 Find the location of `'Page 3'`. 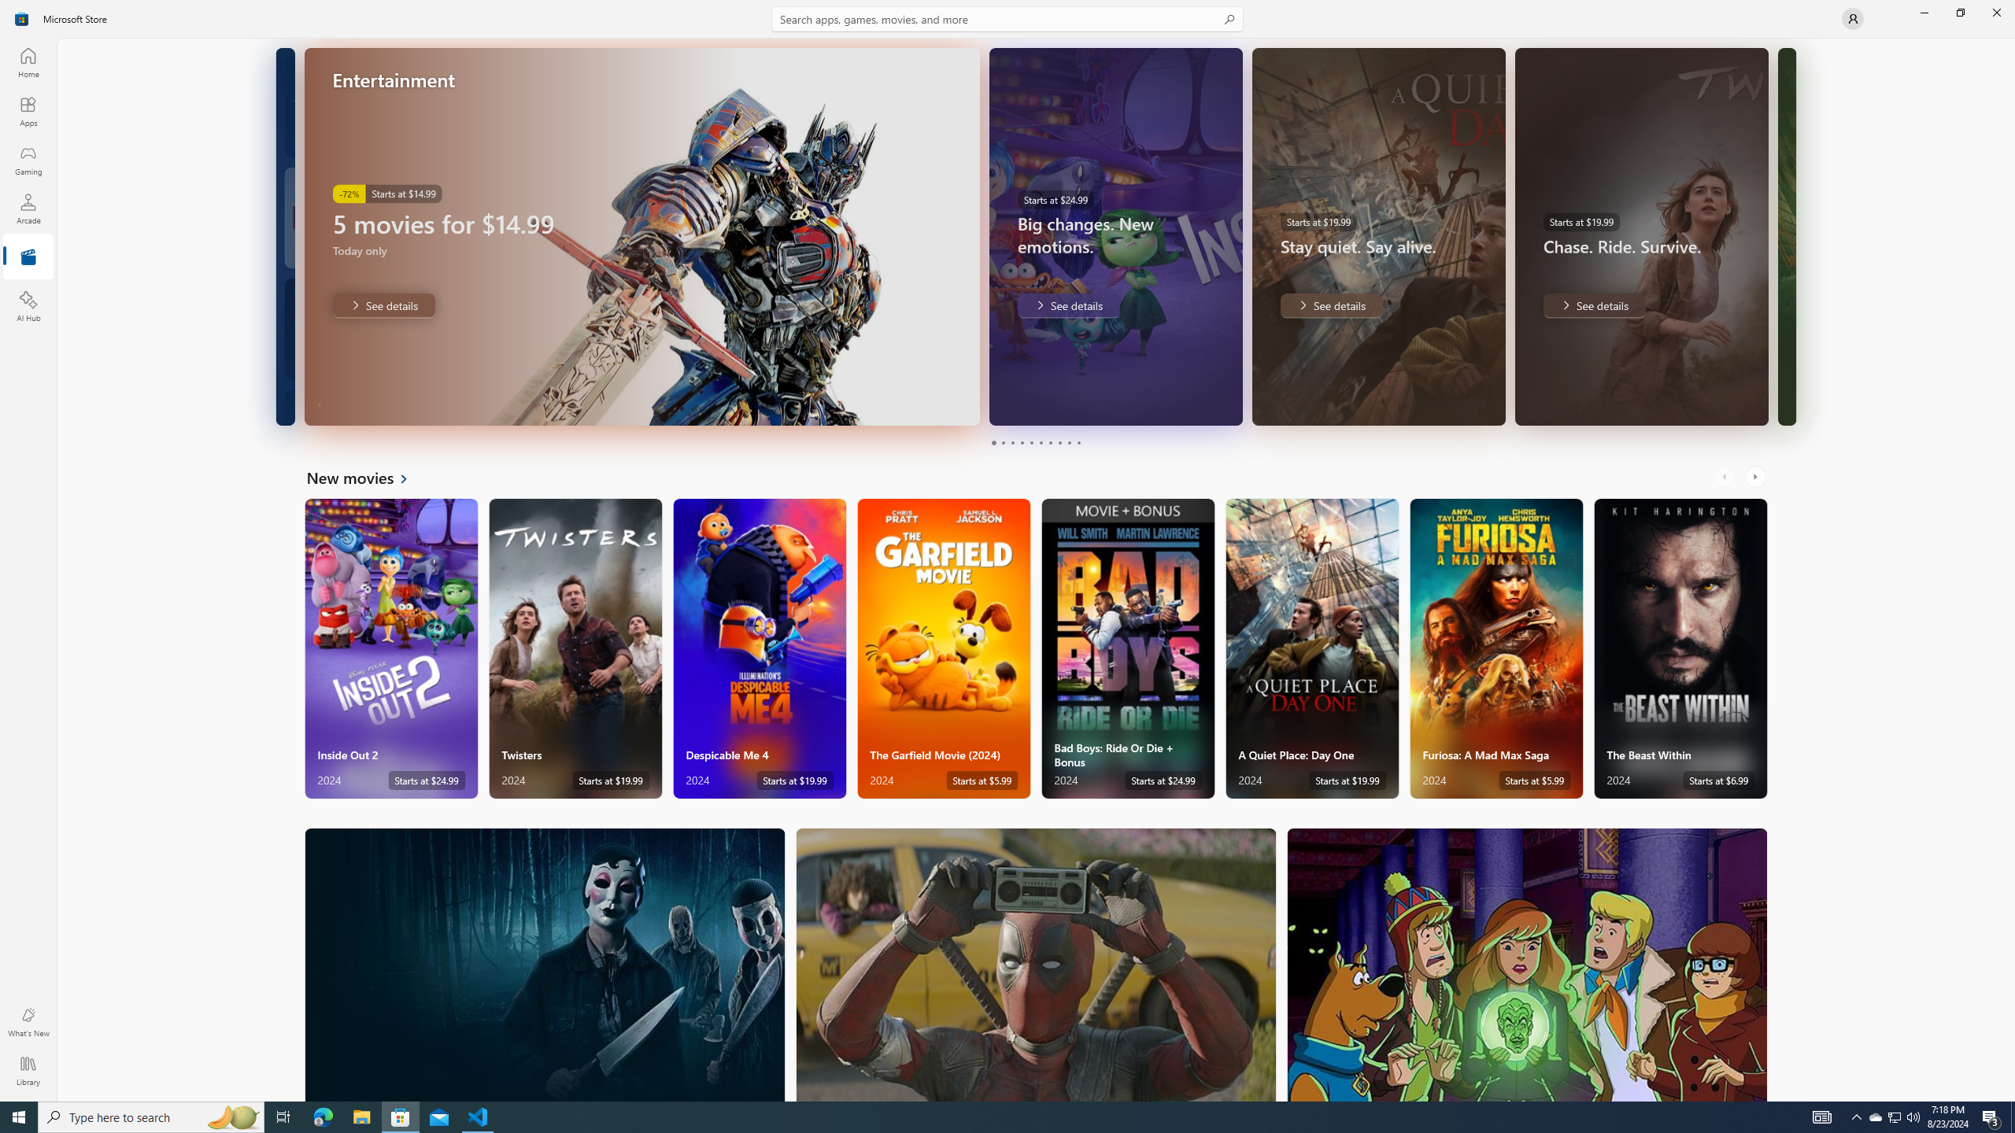

'Page 3' is located at coordinates (1011, 442).